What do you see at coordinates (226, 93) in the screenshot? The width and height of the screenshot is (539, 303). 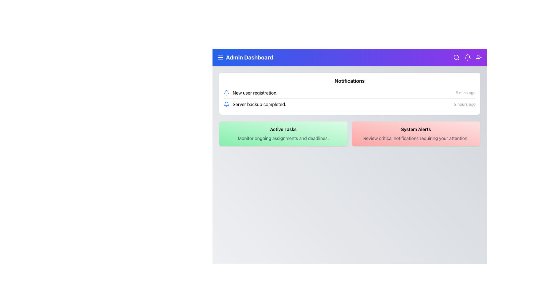 I see `the bell icon indicating notifications located in the topmost entry of the 'New user registration' notification list on the dashboard page` at bounding box center [226, 93].